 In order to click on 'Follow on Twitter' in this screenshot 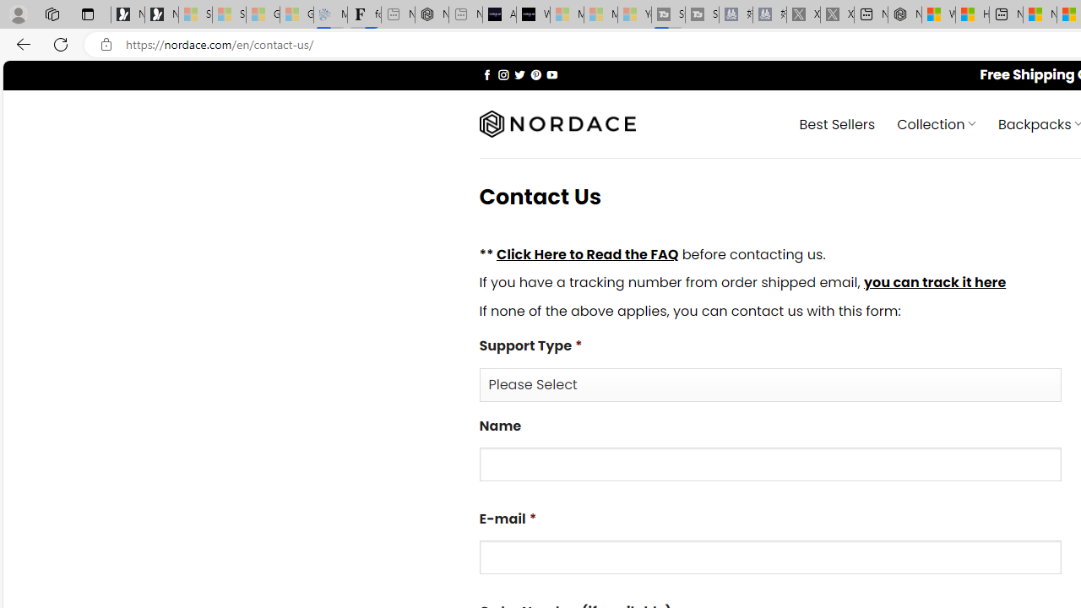, I will do `click(519, 73)`.